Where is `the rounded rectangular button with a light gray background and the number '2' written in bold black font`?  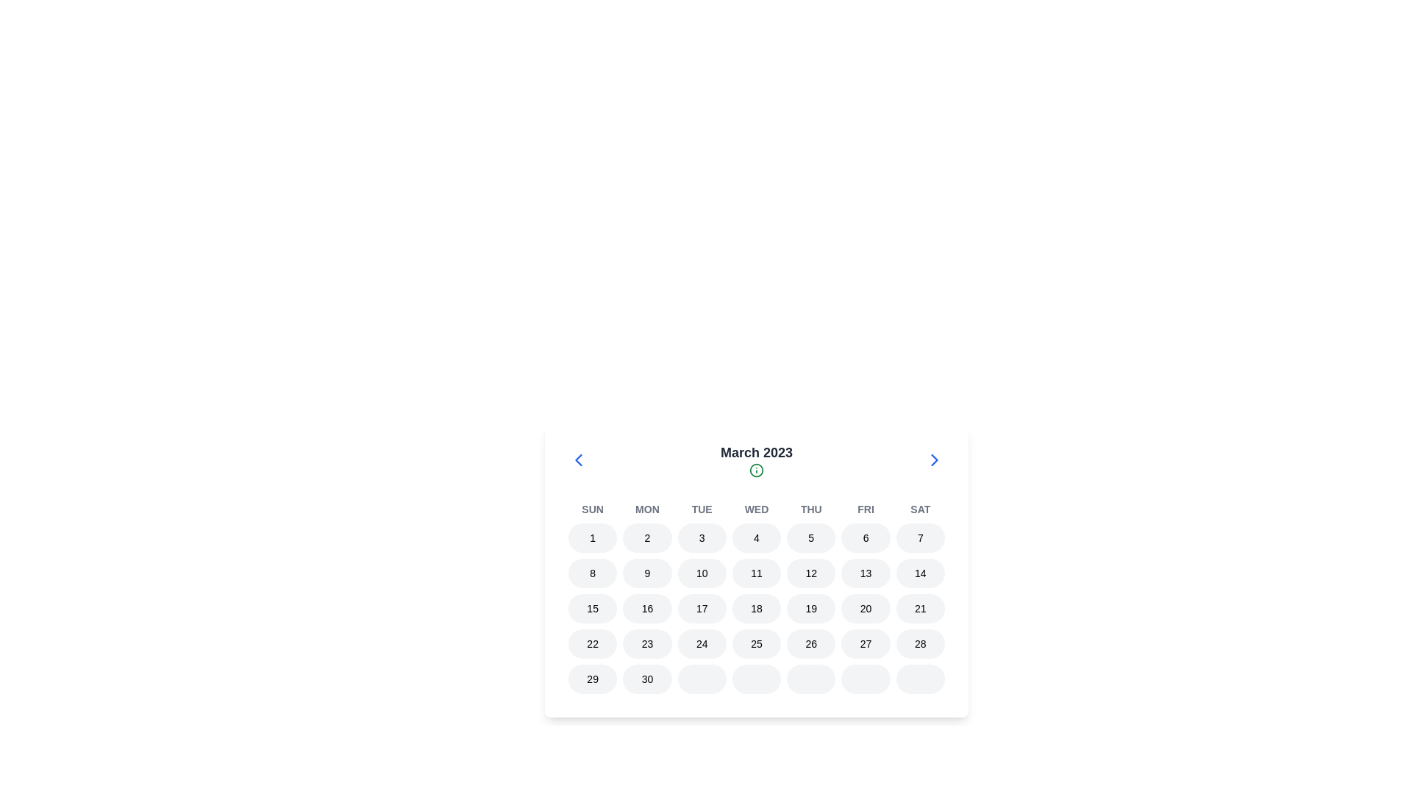
the rounded rectangular button with a light gray background and the number '2' written in bold black font is located at coordinates (647, 538).